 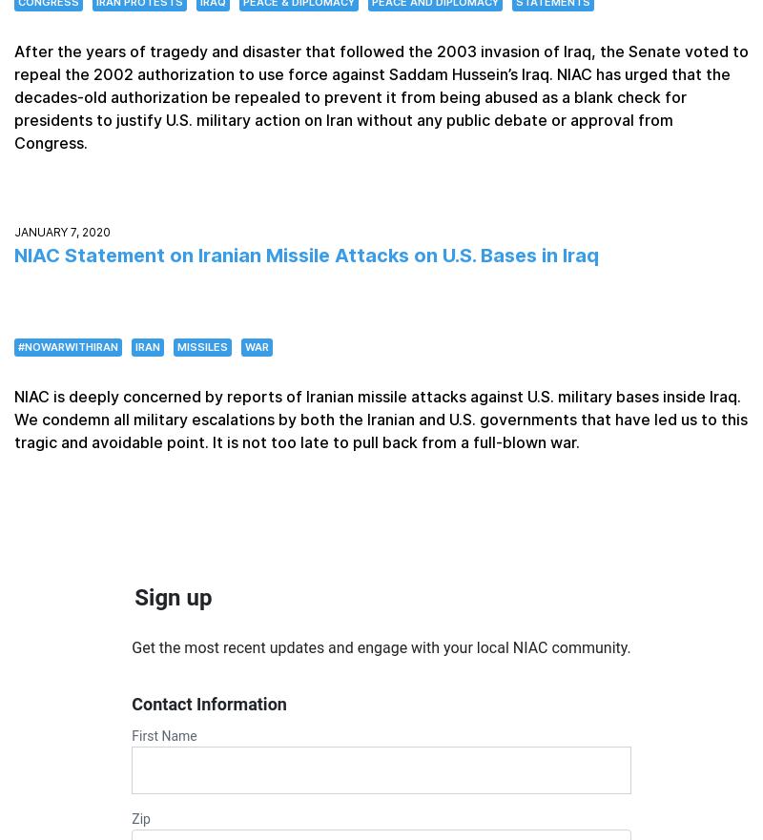 What do you see at coordinates (68, 344) in the screenshot?
I see `'#NoWarWithIran'` at bounding box center [68, 344].